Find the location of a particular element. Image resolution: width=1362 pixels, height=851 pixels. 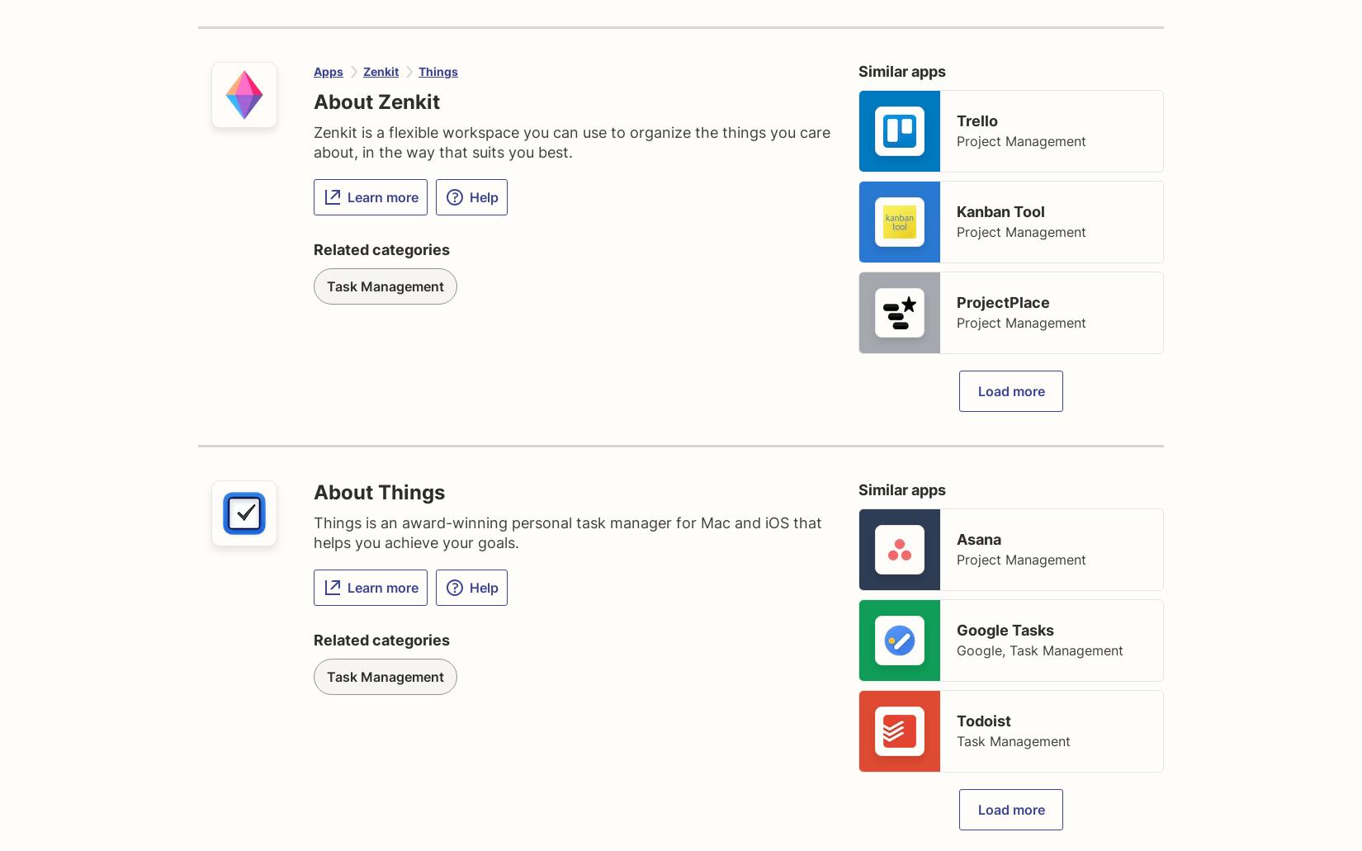

'About Zenkit' is located at coordinates (376, 101).